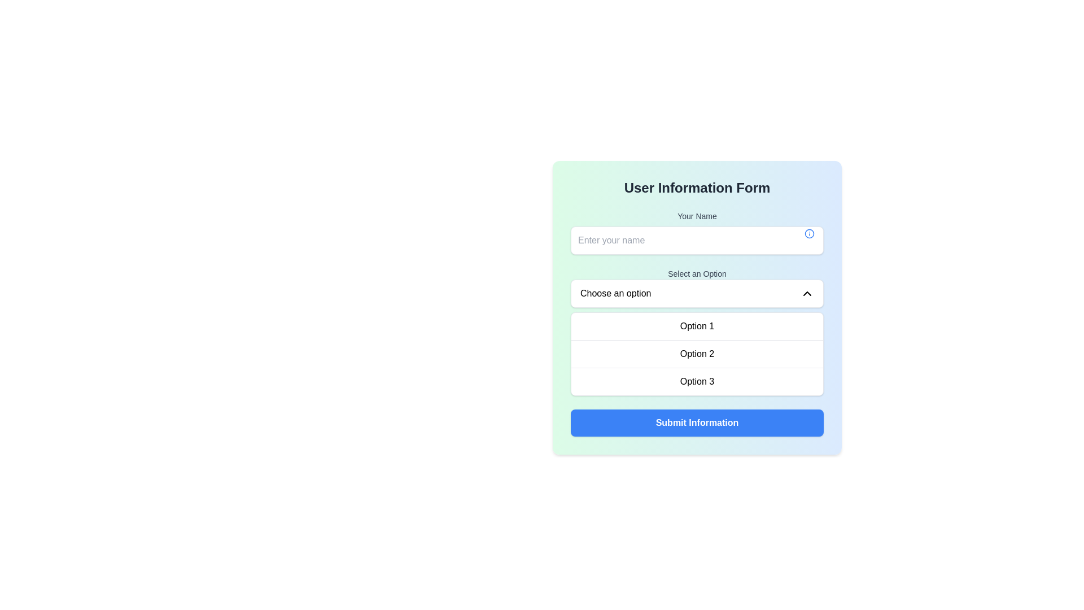 This screenshot has width=1084, height=610. I want to click on the 'Option 3' text label within the selectable dropdown list, which is positioned below 'Option 2' and above no other elements in its group, so click(696, 381).